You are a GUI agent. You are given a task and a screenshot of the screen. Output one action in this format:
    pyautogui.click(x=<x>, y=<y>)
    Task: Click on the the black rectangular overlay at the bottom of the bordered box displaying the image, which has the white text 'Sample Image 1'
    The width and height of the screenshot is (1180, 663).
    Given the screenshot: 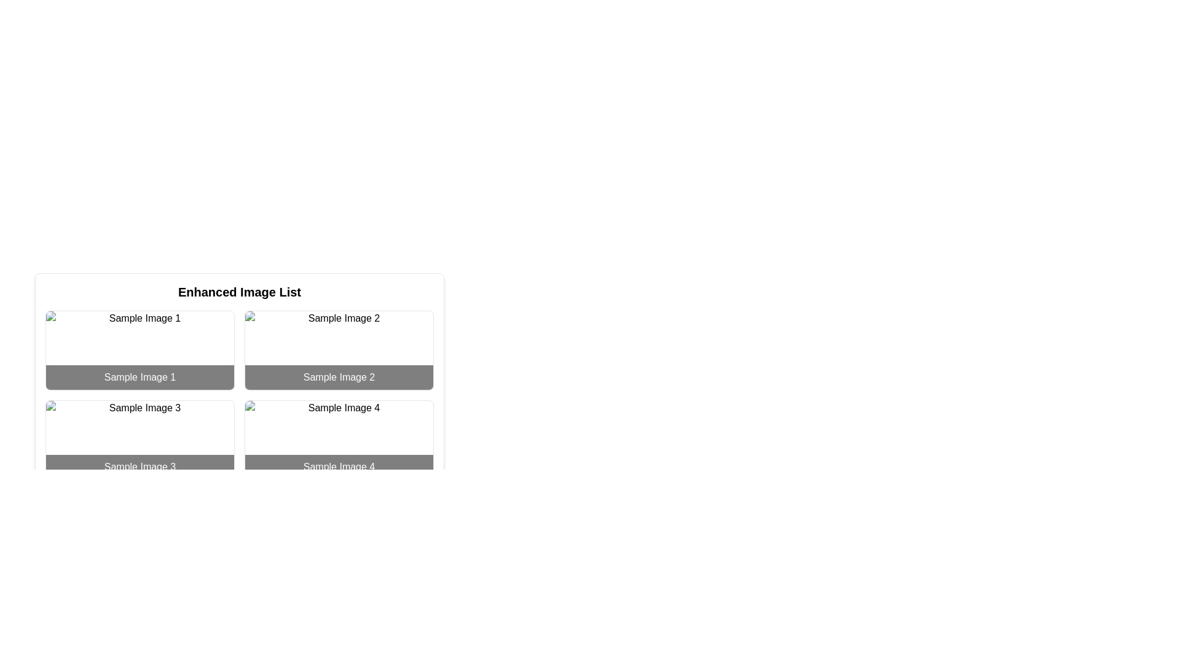 What is the action you would take?
    pyautogui.click(x=140, y=376)
    